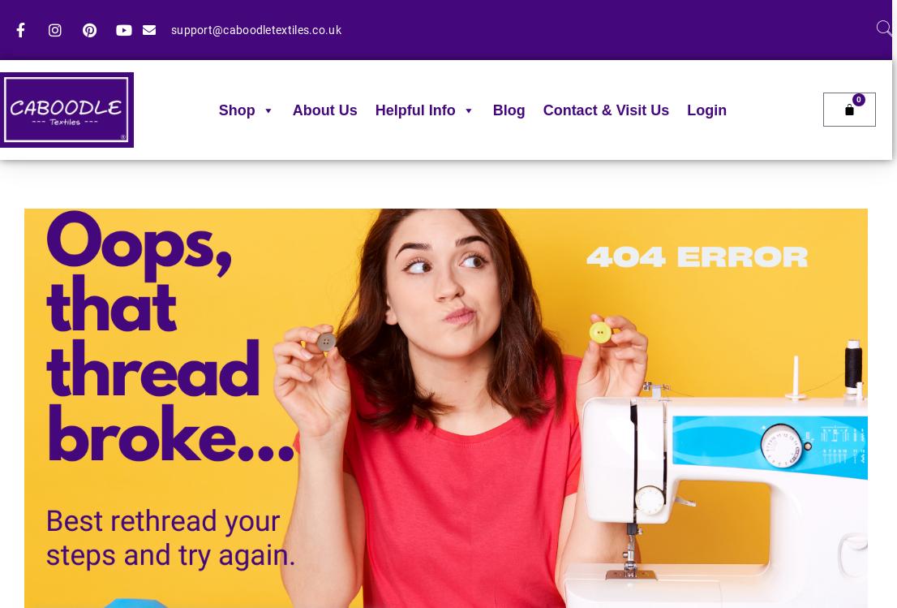 Image resolution: width=897 pixels, height=608 pixels. I want to click on 'Delivery', so click(397, 207).